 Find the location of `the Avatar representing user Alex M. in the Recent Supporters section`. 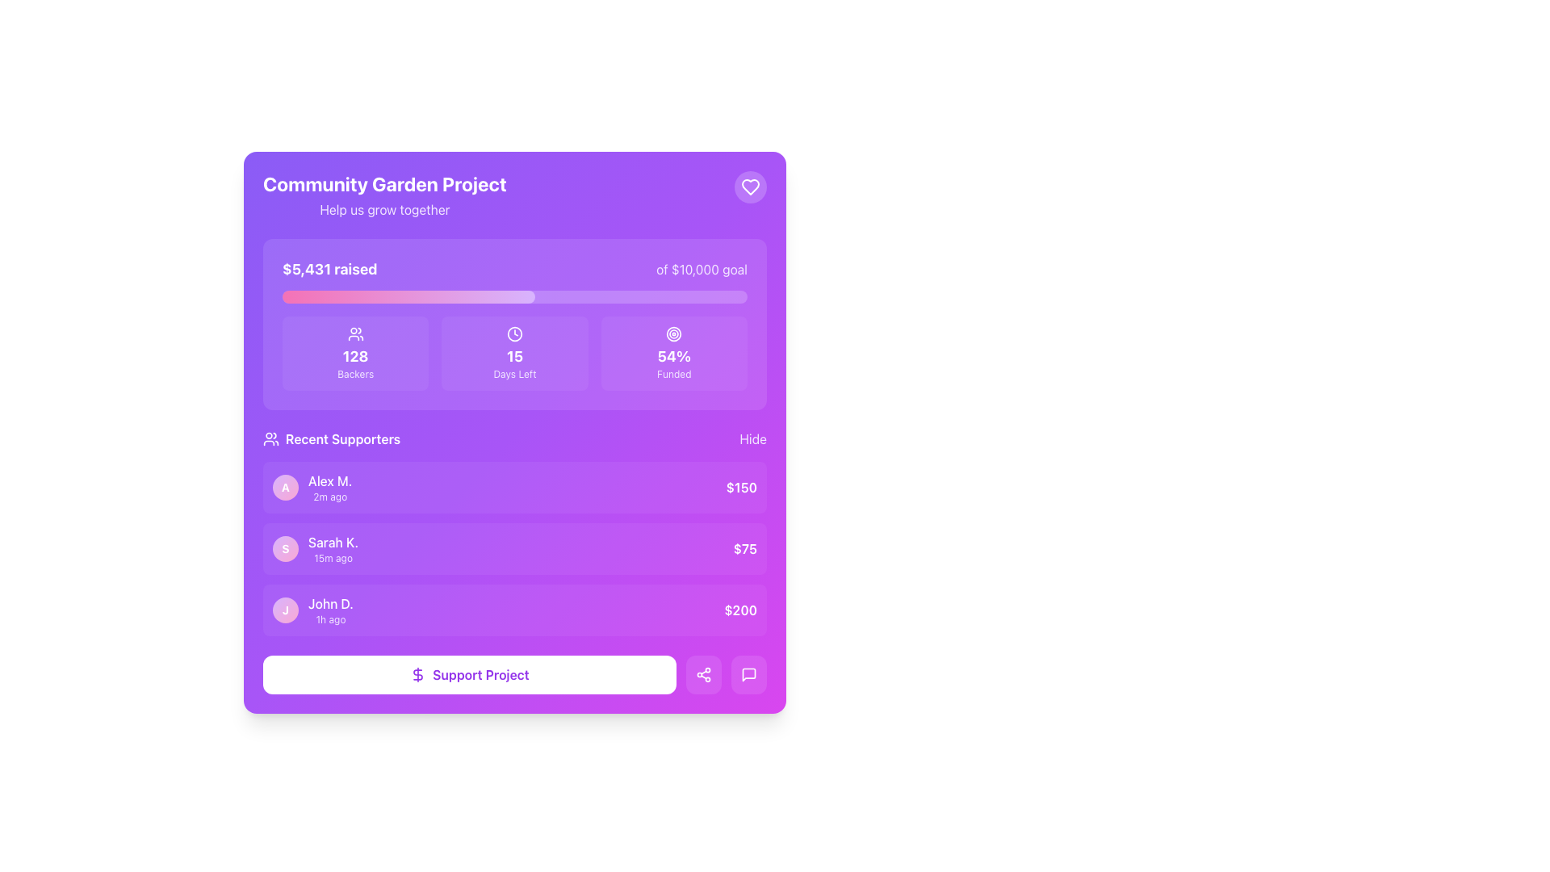

the Avatar representing user Alex M. in the Recent Supporters section is located at coordinates (286, 487).